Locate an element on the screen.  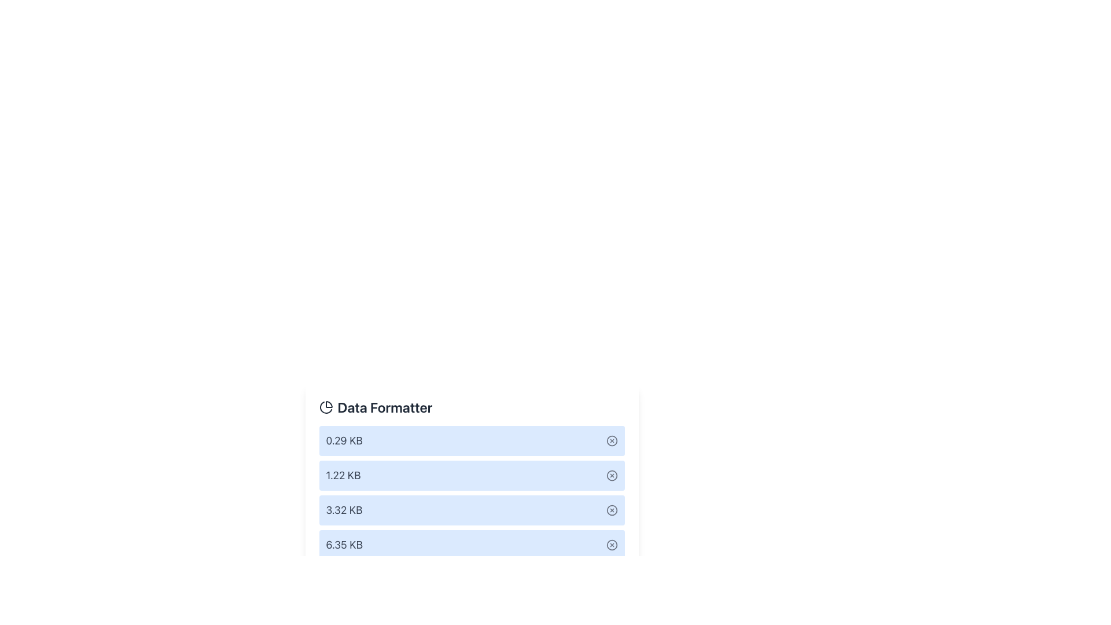
the text label displaying '6.35 KB' is located at coordinates (344, 545).